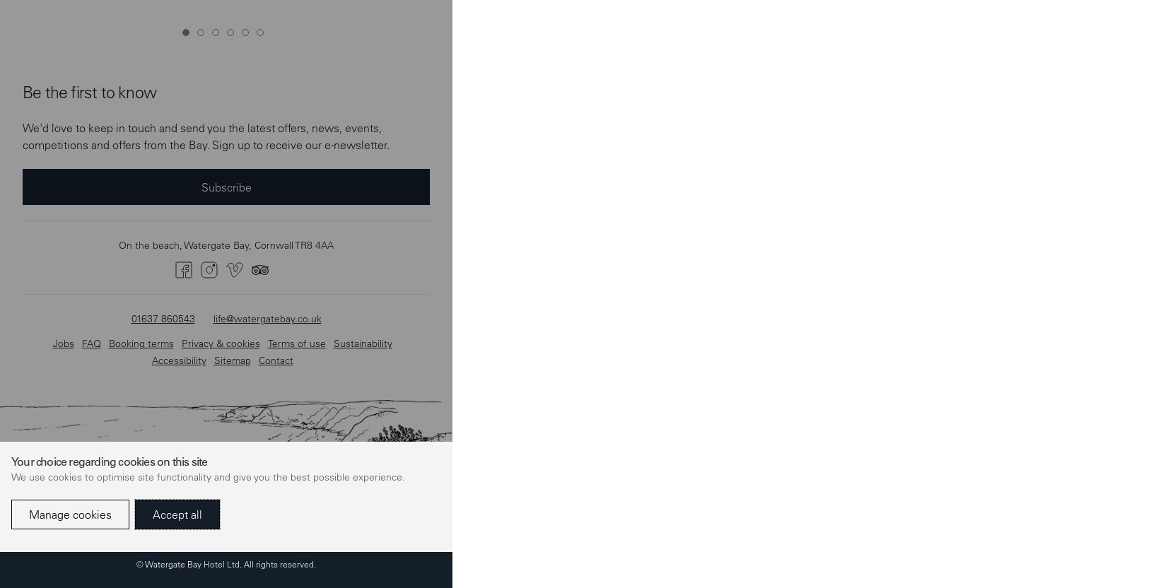 The height and width of the screenshot is (588, 1158). I want to click on 'Privacy & cookies', so click(220, 29).